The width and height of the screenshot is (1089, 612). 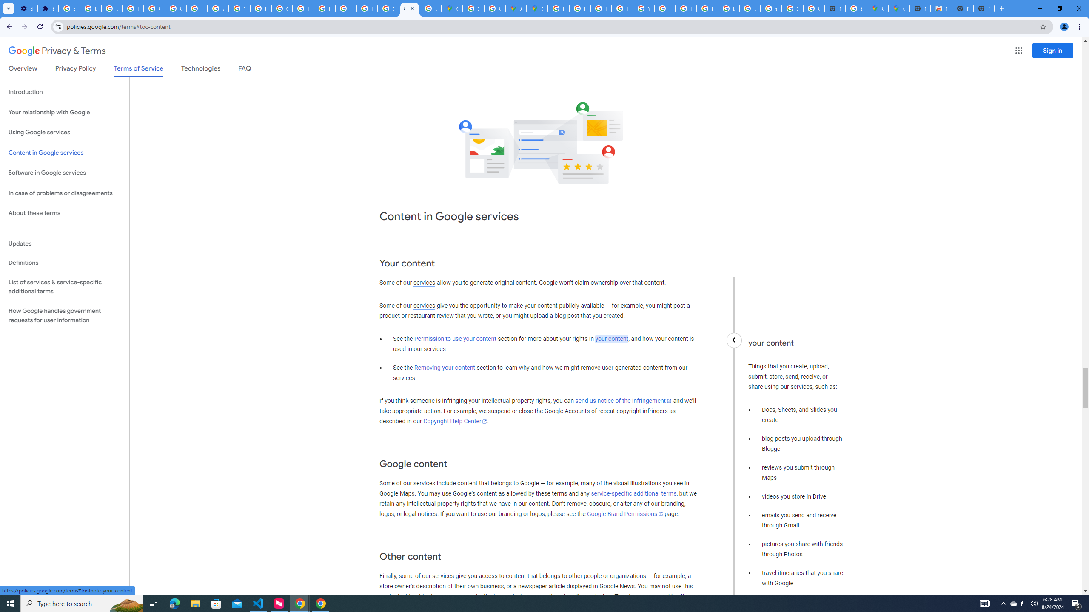 What do you see at coordinates (624, 513) in the screenshot?
I see `'Google Brand Permissions'` at bounding box center [624, 513].